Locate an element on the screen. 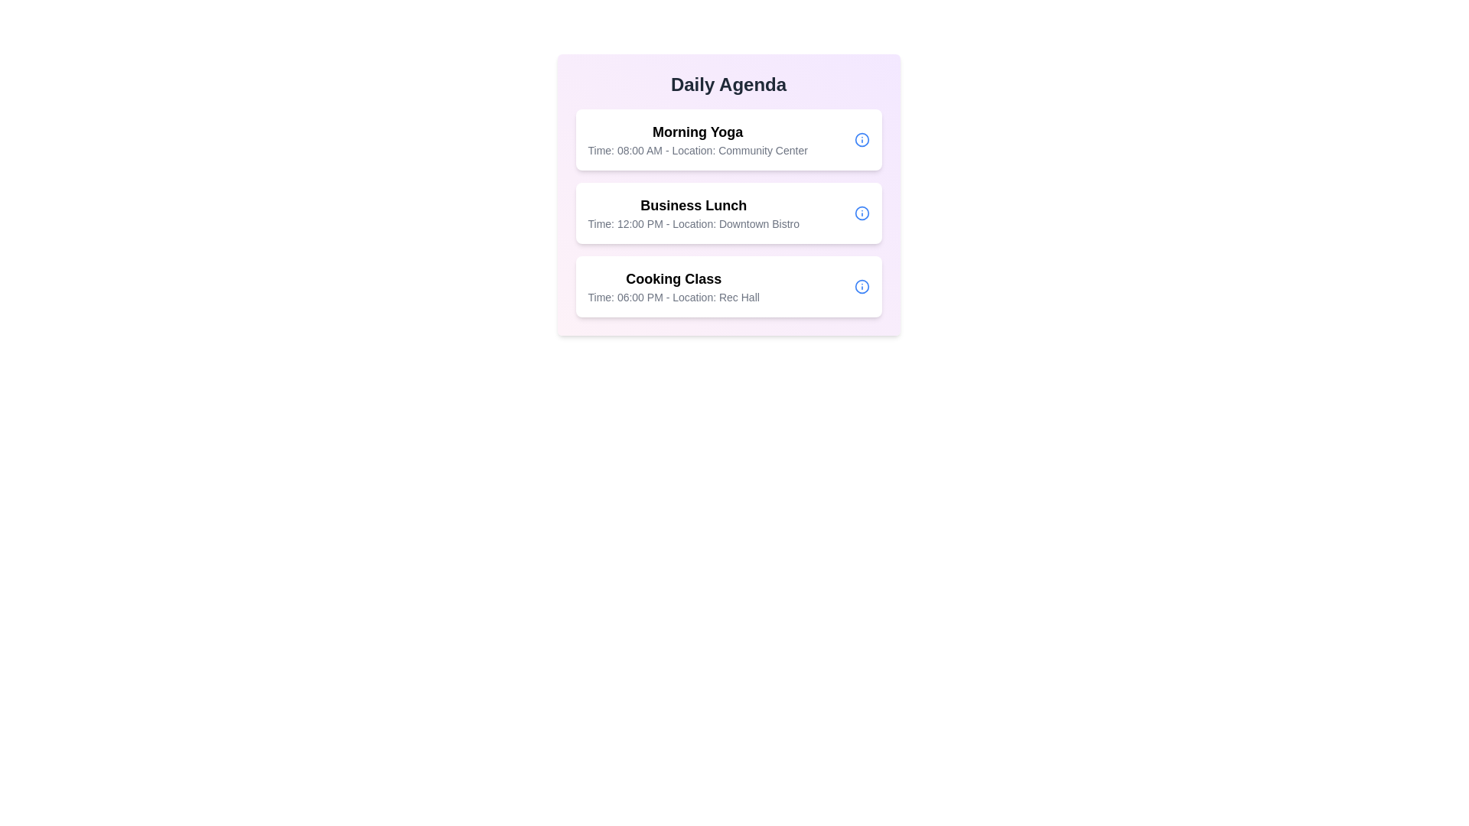 Image resolution: width=1469 pixels, height=826 pixels. the information button for the activity Cooking Class is located at coordinates (862, 286).